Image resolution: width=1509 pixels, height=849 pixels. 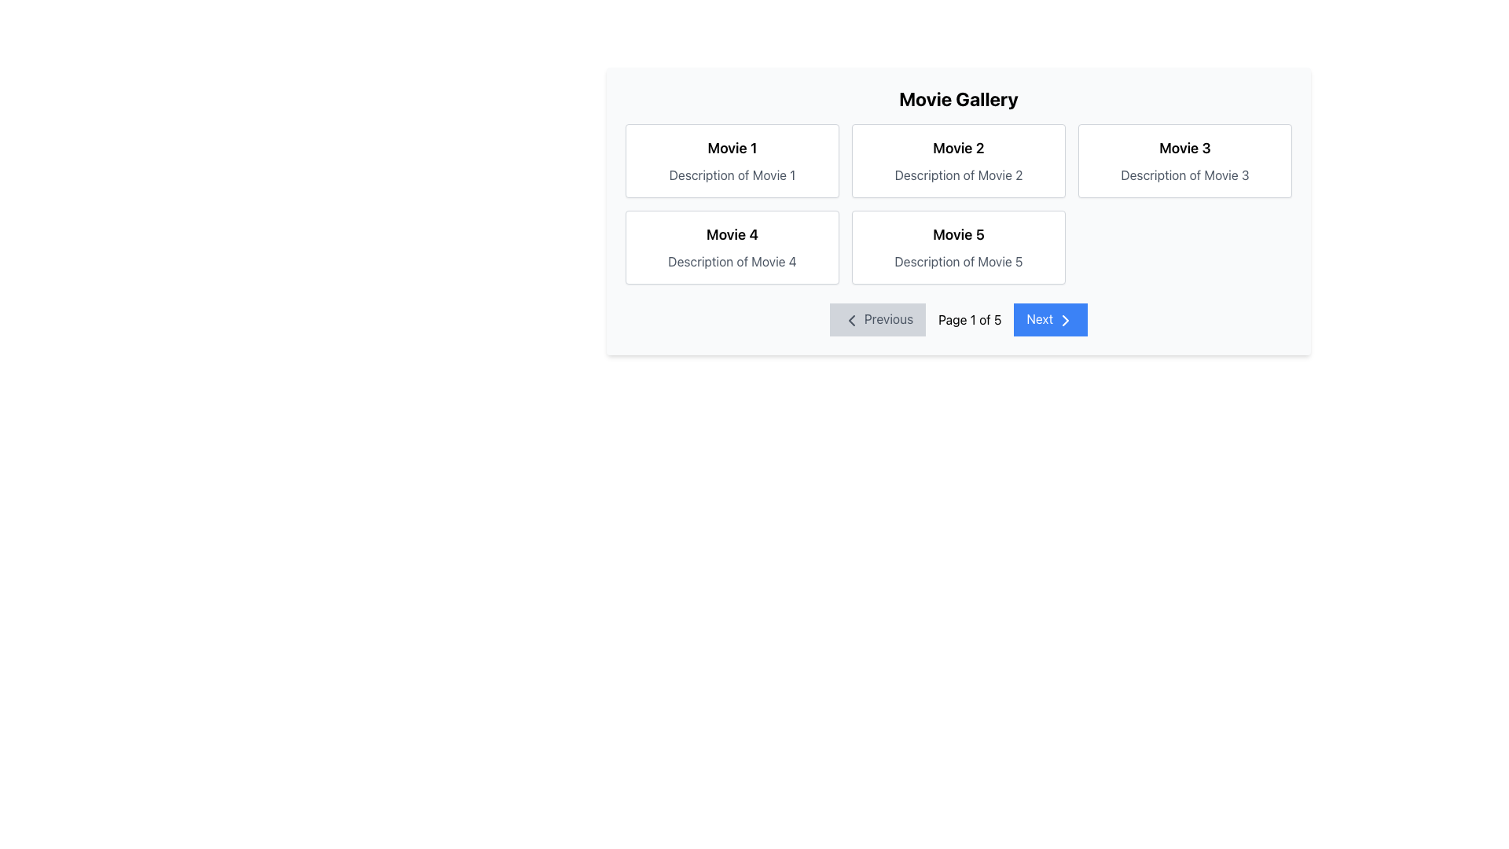 I want to click on the movie title text label located at the top-left of the movie cards grid in the 'Movie Gallery', so click(x=731, y=149).